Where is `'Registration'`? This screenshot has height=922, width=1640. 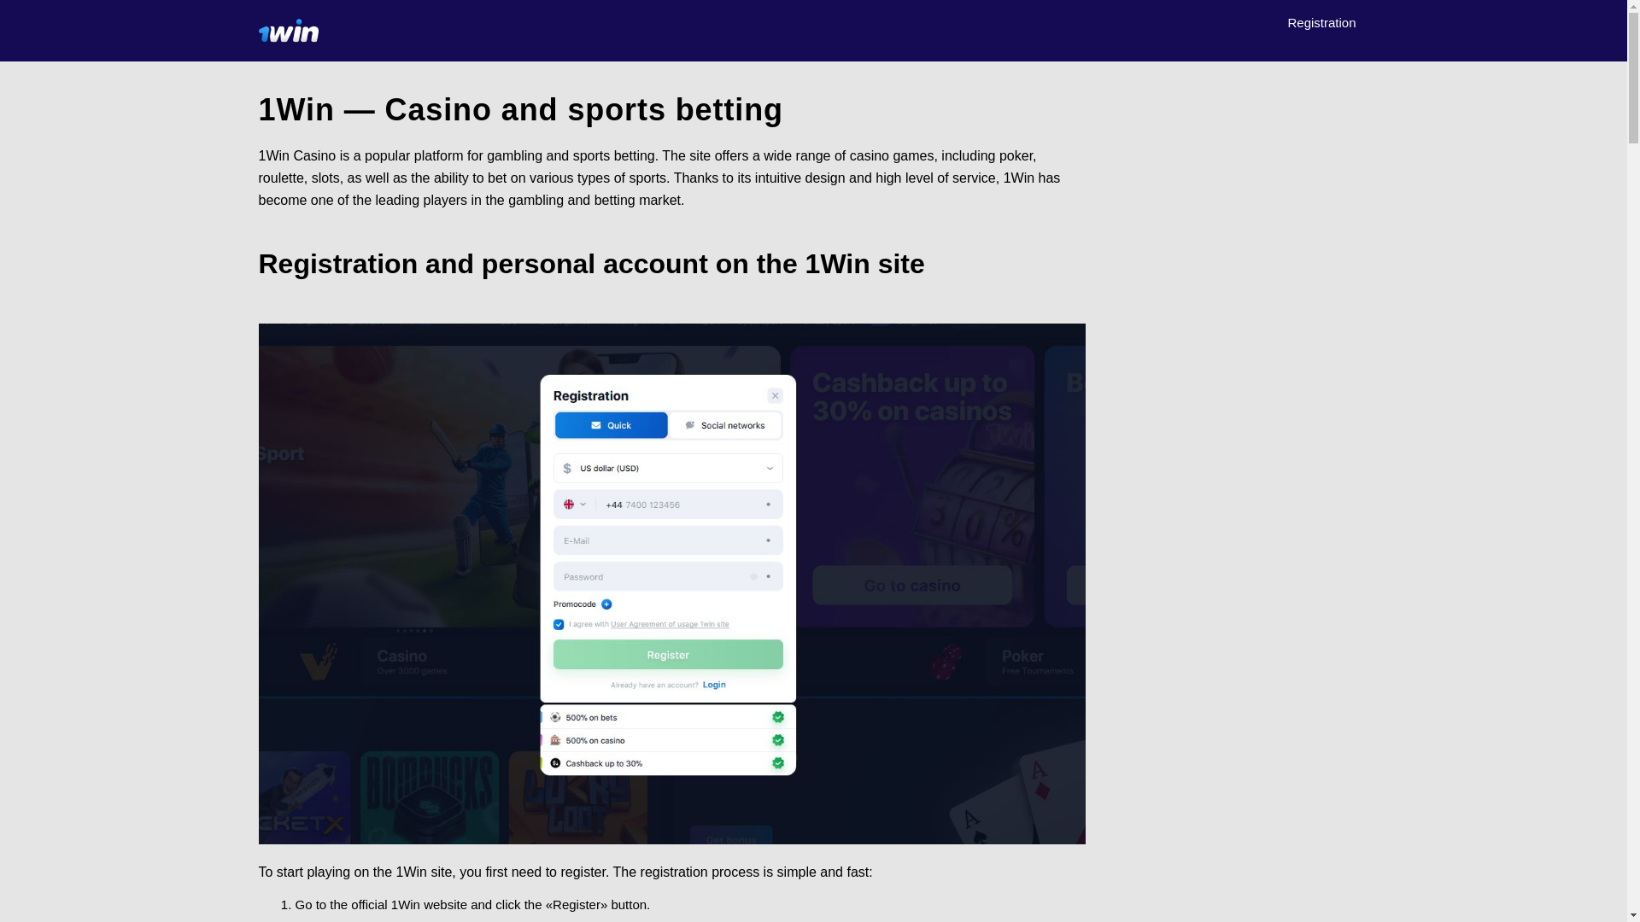
'Registration' is located at coordinates (1320, 22).